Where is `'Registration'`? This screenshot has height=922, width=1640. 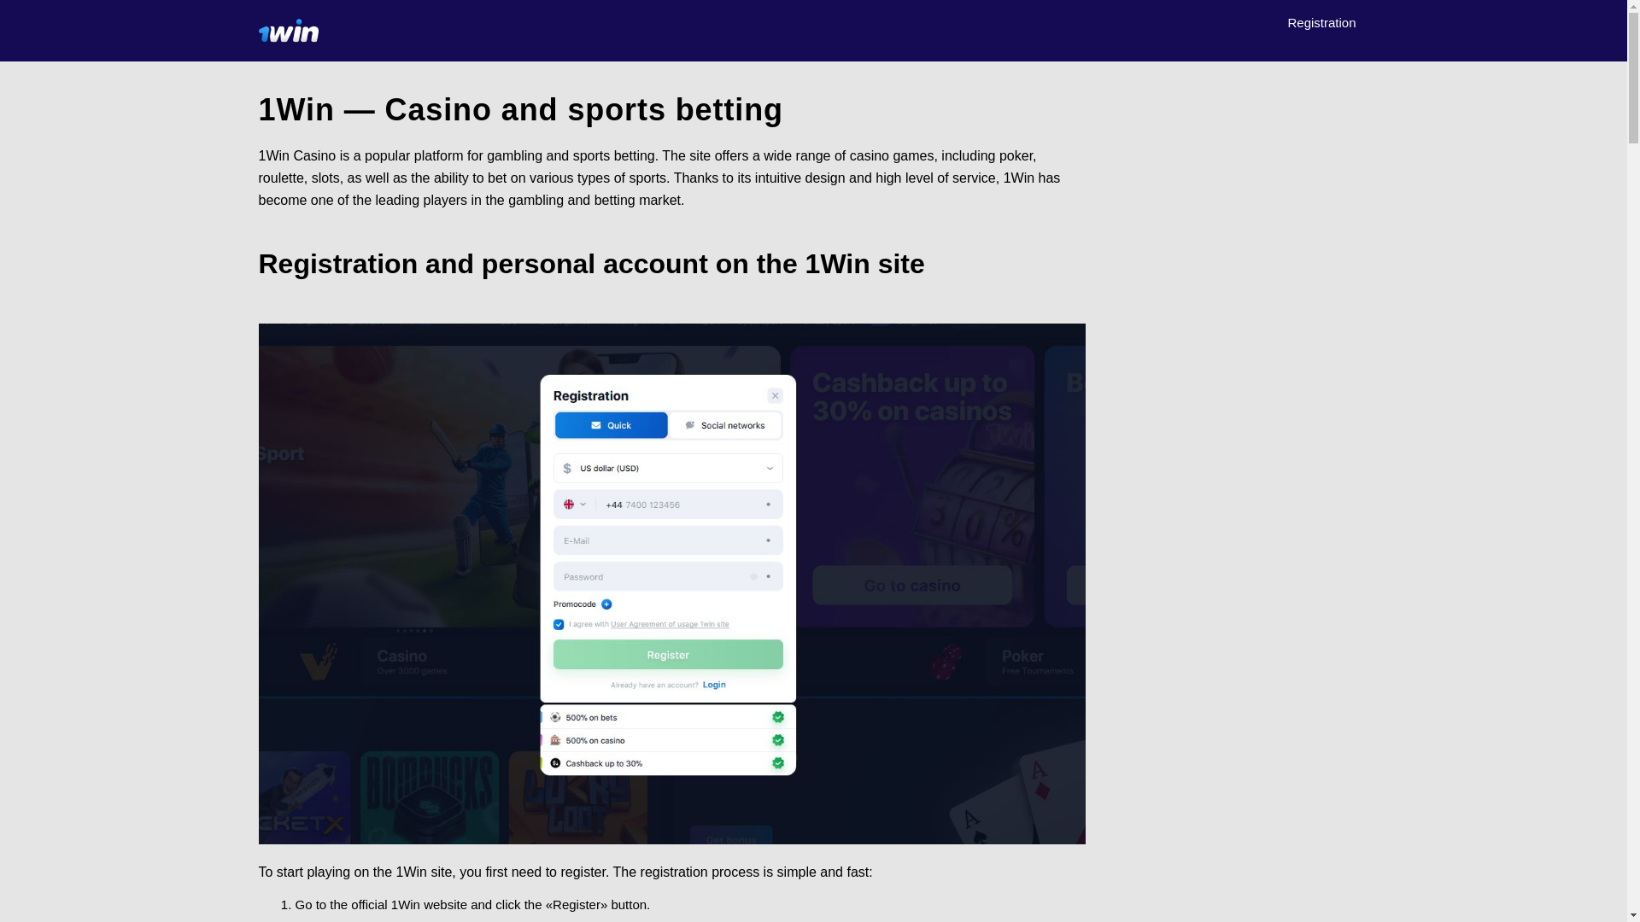
'Registration' is located at coordinates (1320, 22).